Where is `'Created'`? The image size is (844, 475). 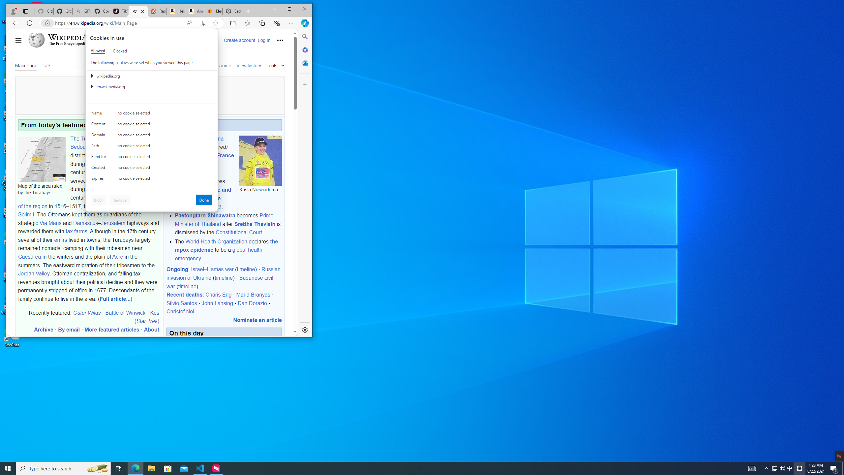
'Created' is located at coordinates (100, 169).